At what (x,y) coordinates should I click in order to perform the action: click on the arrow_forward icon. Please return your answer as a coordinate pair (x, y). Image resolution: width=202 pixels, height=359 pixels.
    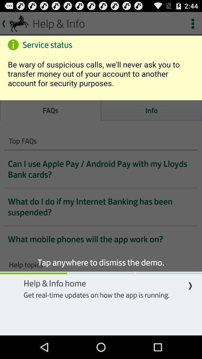
    Looking at the image, I should click on (190, 306).